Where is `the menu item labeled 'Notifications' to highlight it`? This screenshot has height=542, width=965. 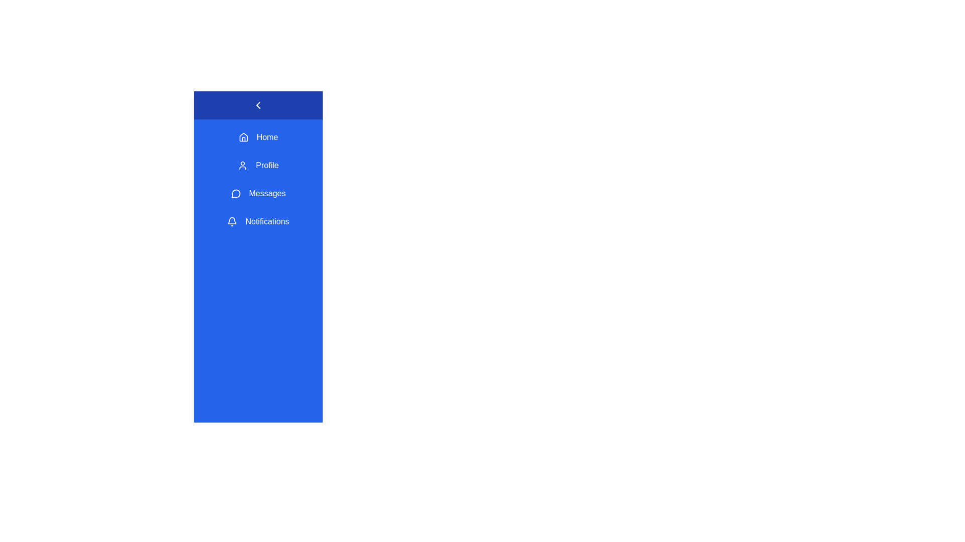
the menu item labeled 'Notifications' to highlight it is located at coordinates (258, 221).